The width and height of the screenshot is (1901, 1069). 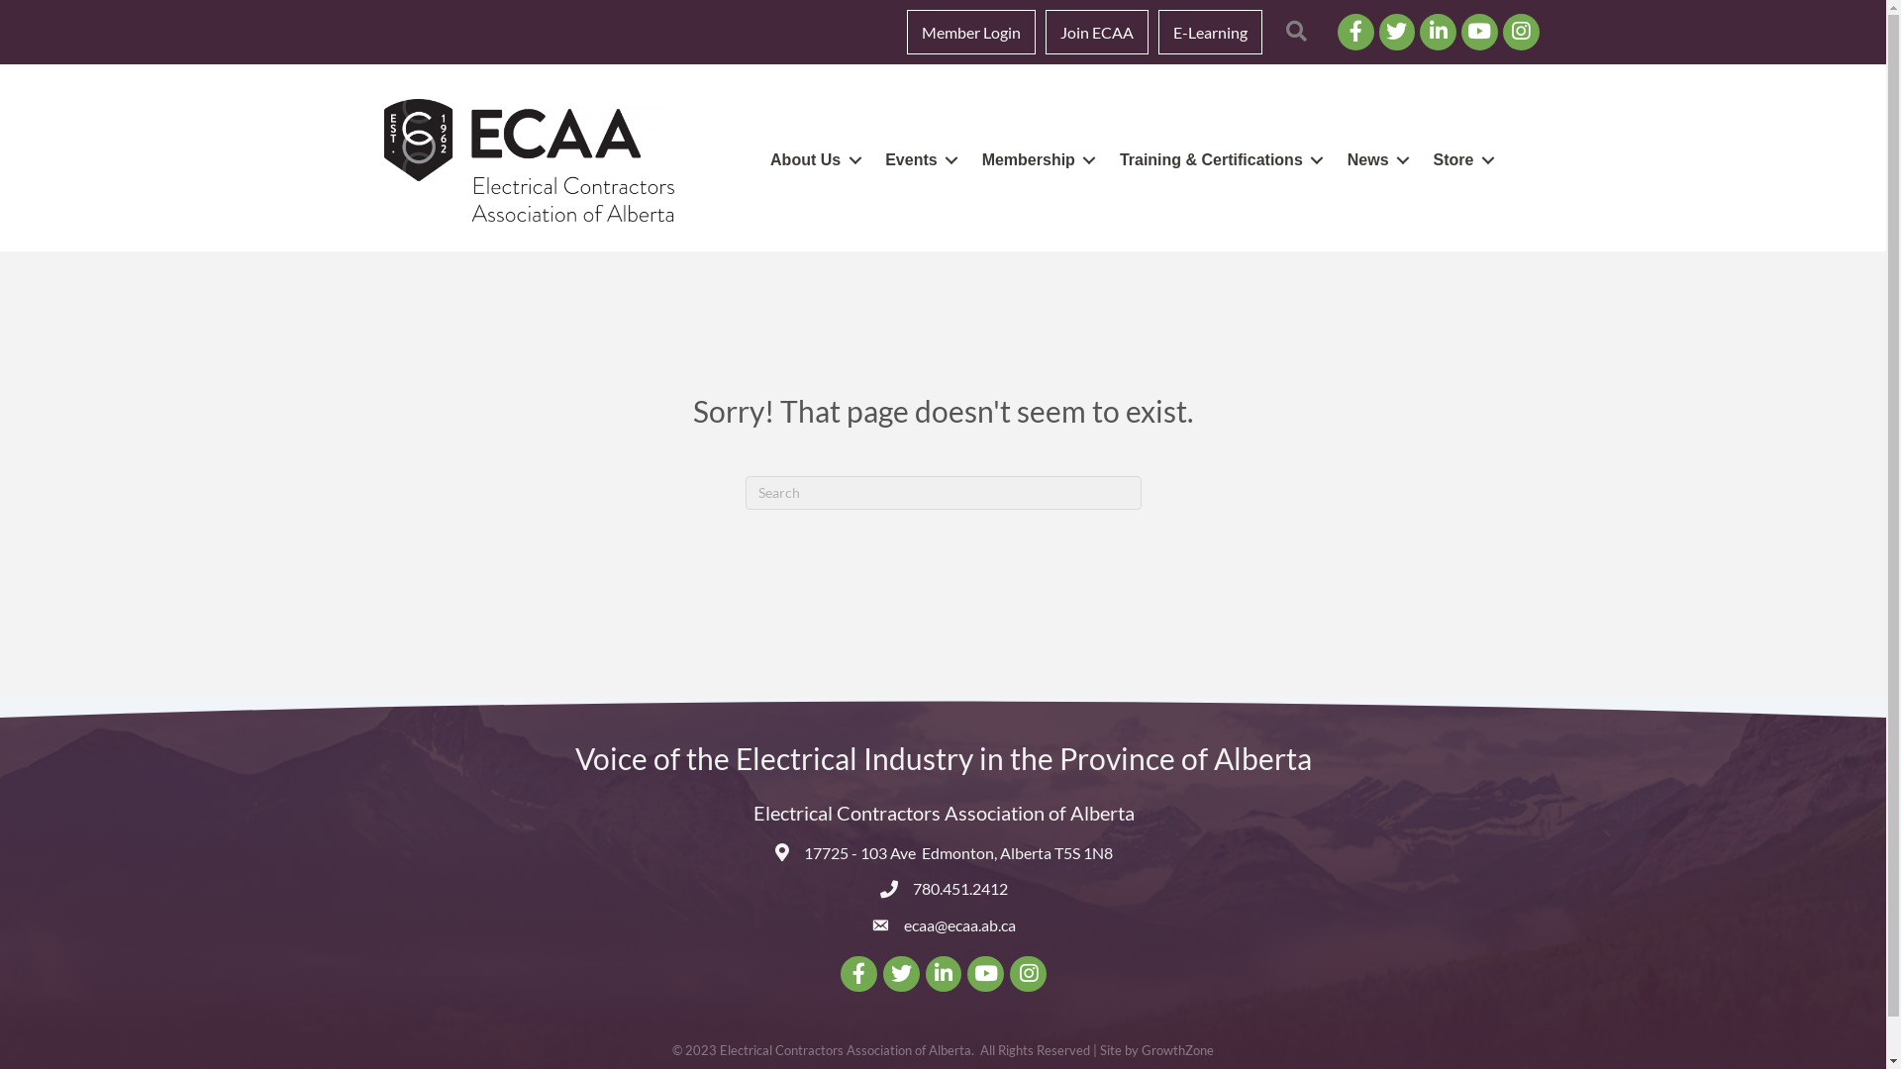 I want to click on 'ecaa@ecaa.ab.ca', so click(x=959, y=924).